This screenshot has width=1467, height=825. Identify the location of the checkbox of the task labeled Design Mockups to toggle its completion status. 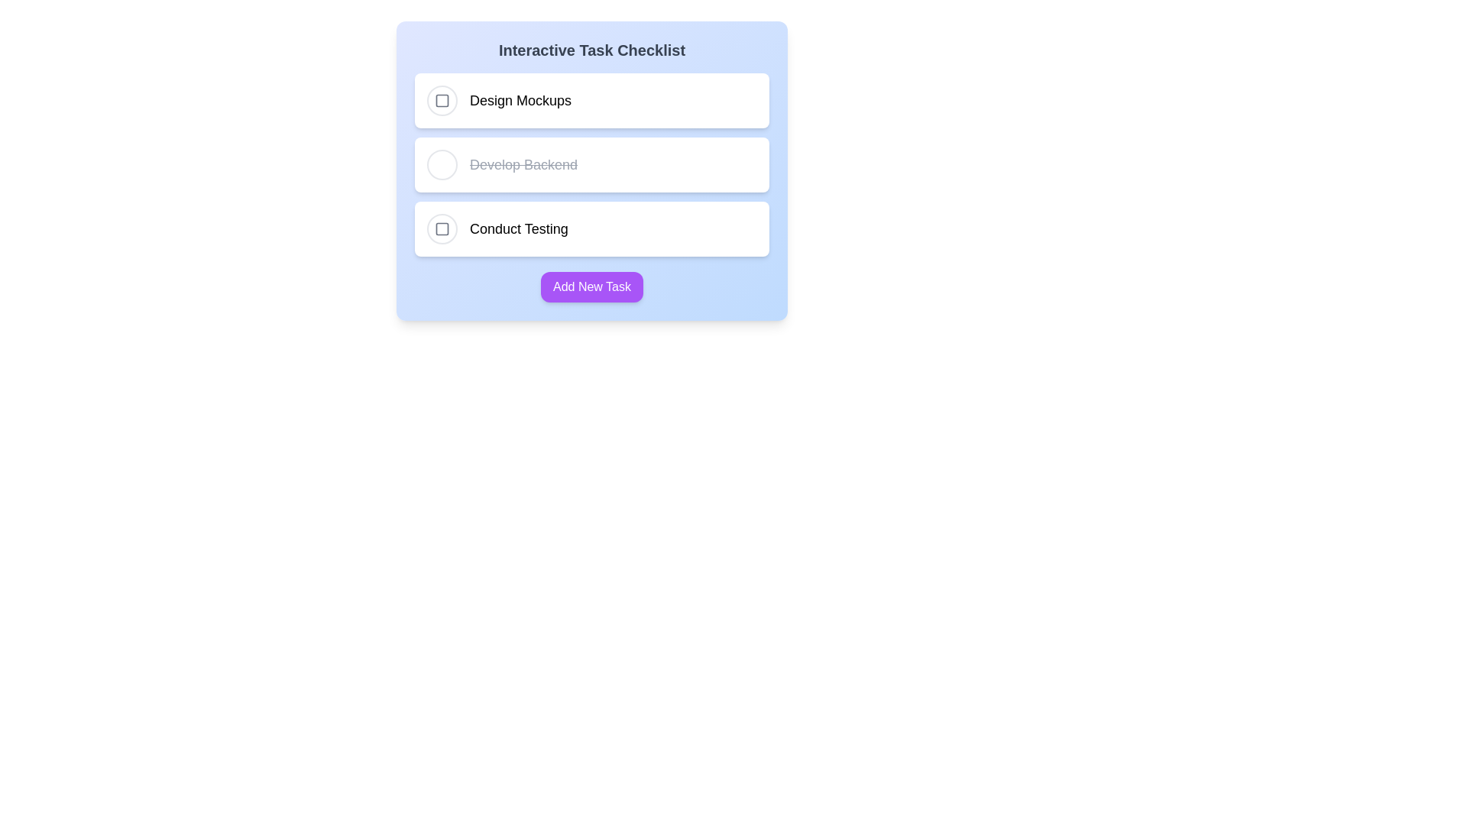
(442, 100).